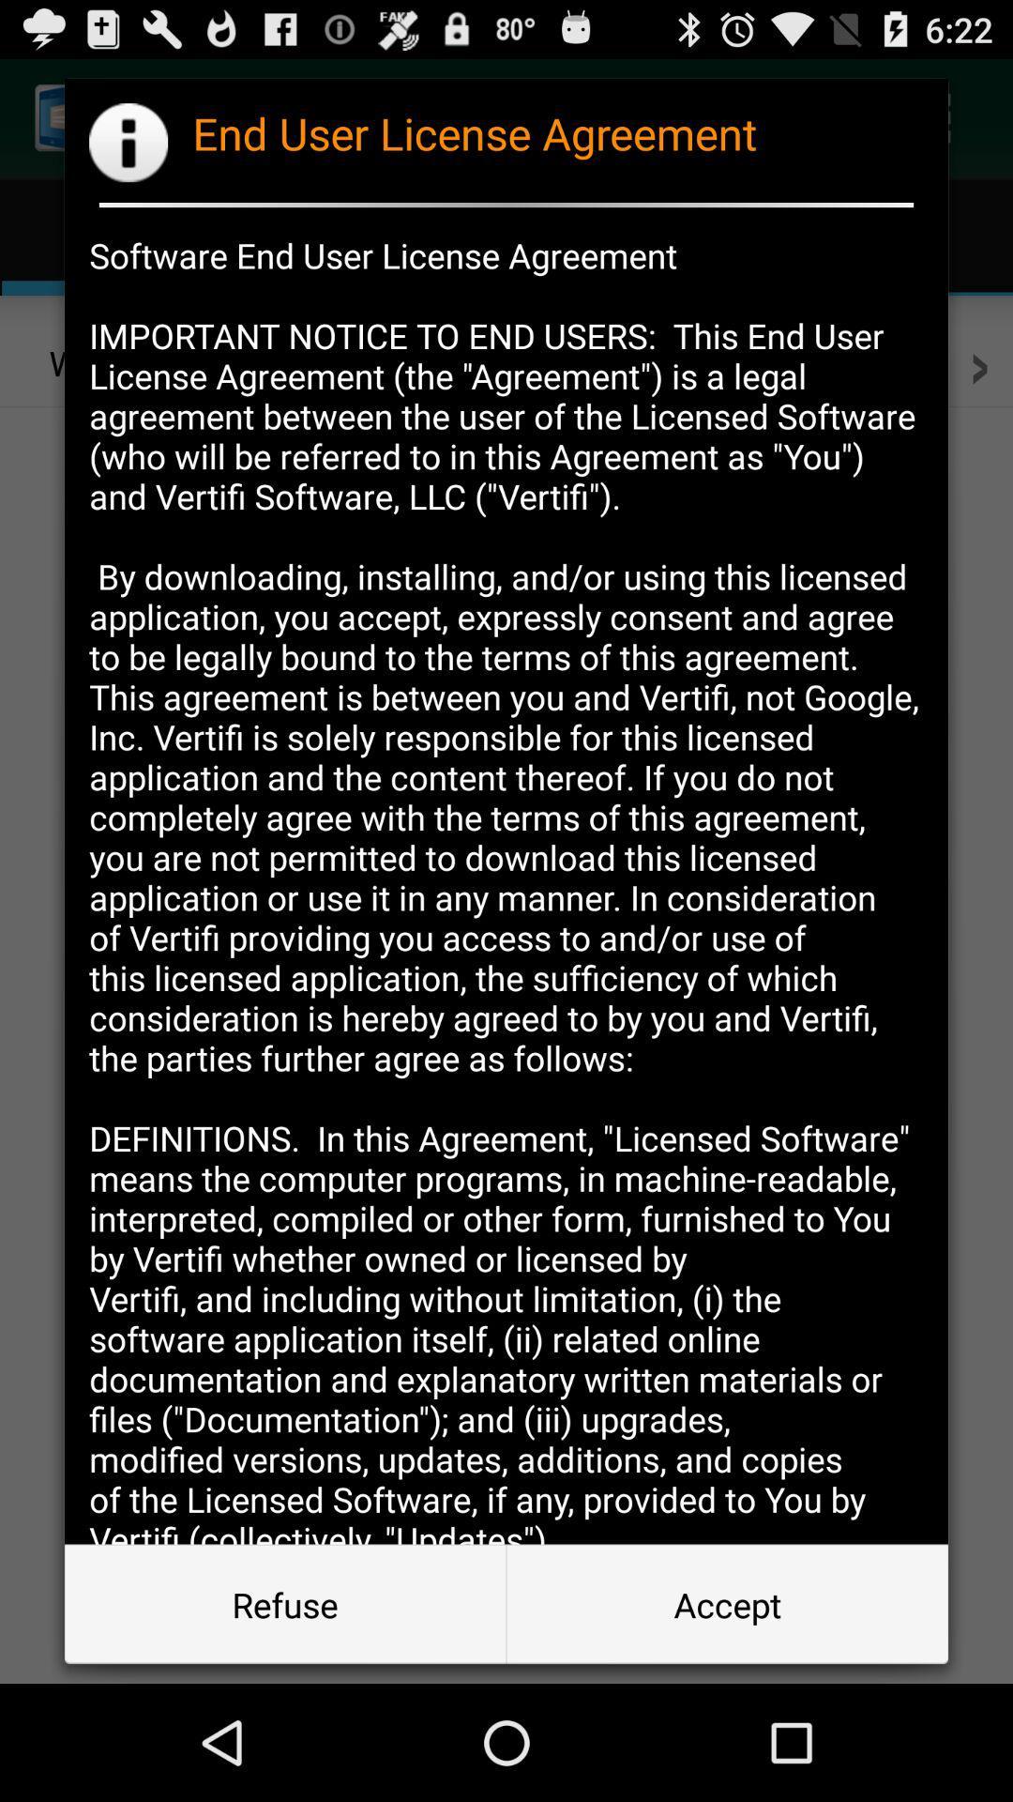 The width and height of the screenshot is (1013, 1802). What do you see at coordinates (285, 1603) in the screenshot?
I see `refuse at the bottom left corner` at bounding box center [285, 1603].